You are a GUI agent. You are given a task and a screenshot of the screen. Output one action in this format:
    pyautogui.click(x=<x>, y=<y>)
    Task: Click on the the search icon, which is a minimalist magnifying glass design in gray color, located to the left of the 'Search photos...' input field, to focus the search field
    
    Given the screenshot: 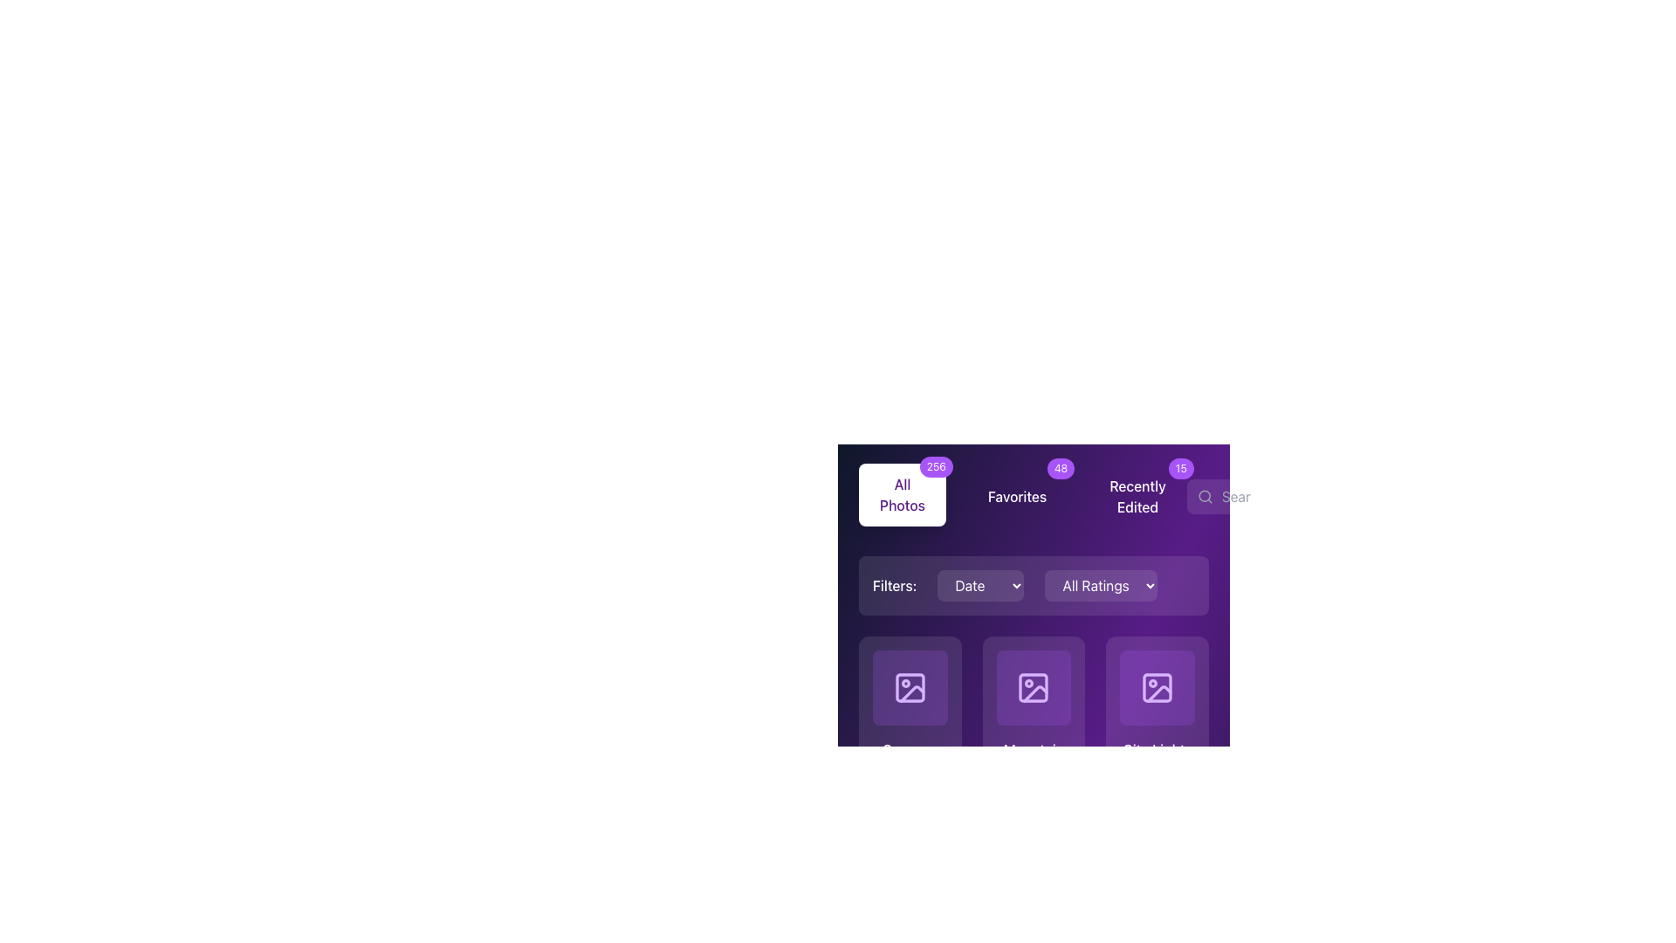 What is the action you would take?
    pyautogui.click(x=1204, y=497)
    